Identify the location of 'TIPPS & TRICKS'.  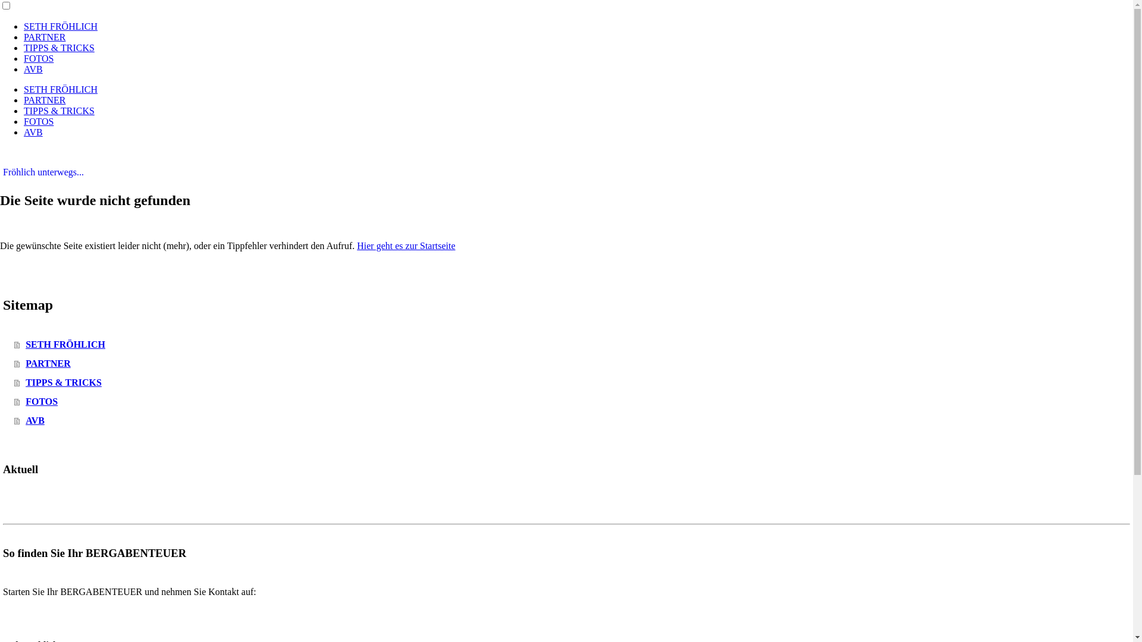
(23, 47).